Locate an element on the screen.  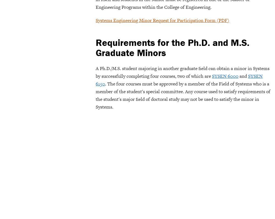
'. The four courses must be approved by a member of the Field of Systems who is a member of the student's special committee. Any course used to satisfy requirements of the student's major field of doctoral study may not be used to satisfy the minor in Systems.' is located at coordinates (183, 95).